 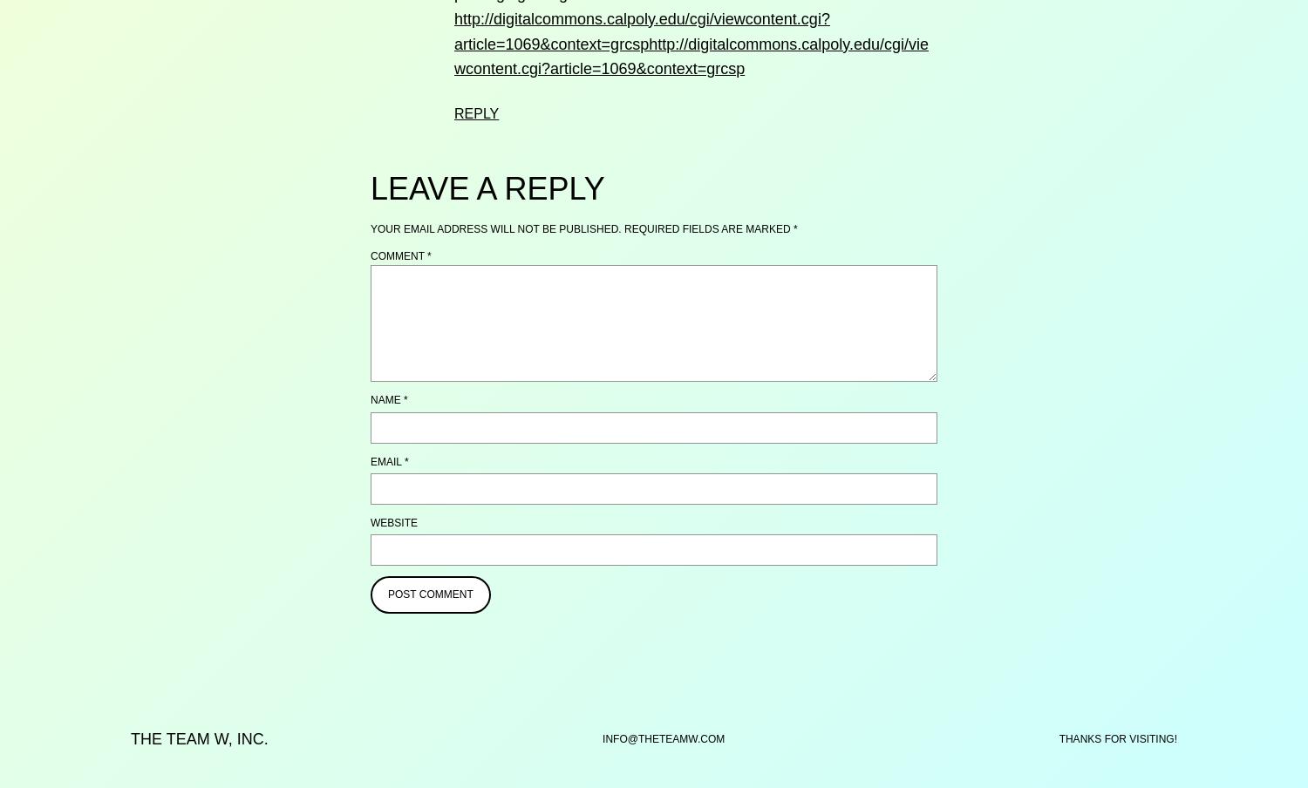 I want to click on 'Thanks for visiting!', so click(x=1117, y=739).